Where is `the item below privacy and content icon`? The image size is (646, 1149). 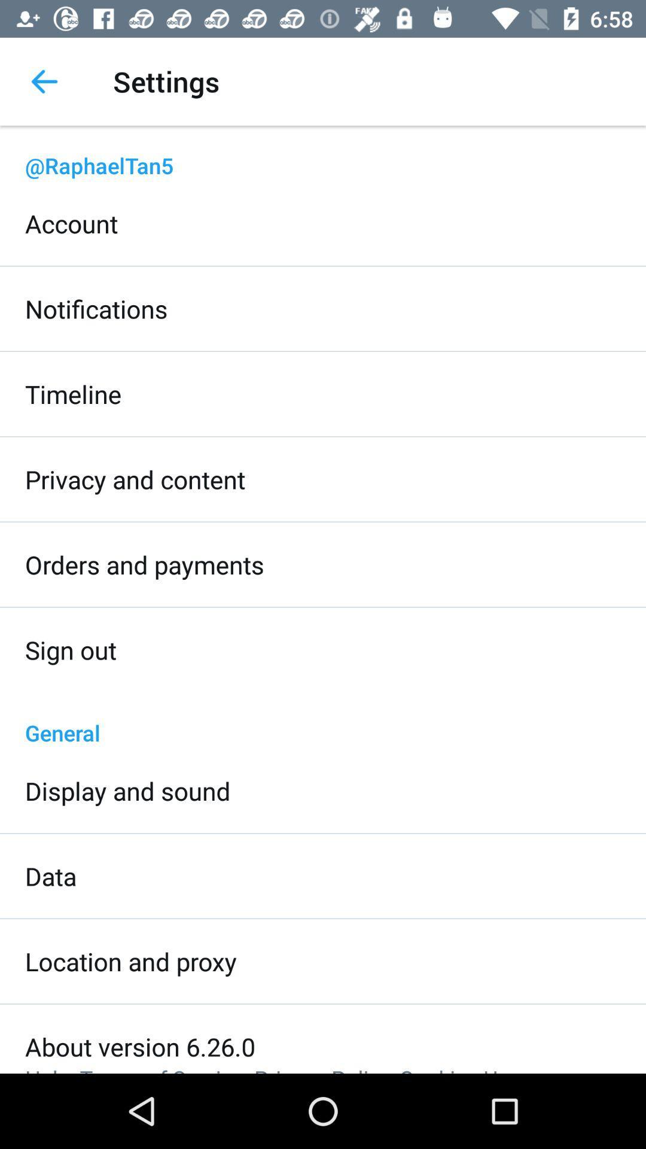 the item below privacy and content icon is located at coordinates (144, 564).